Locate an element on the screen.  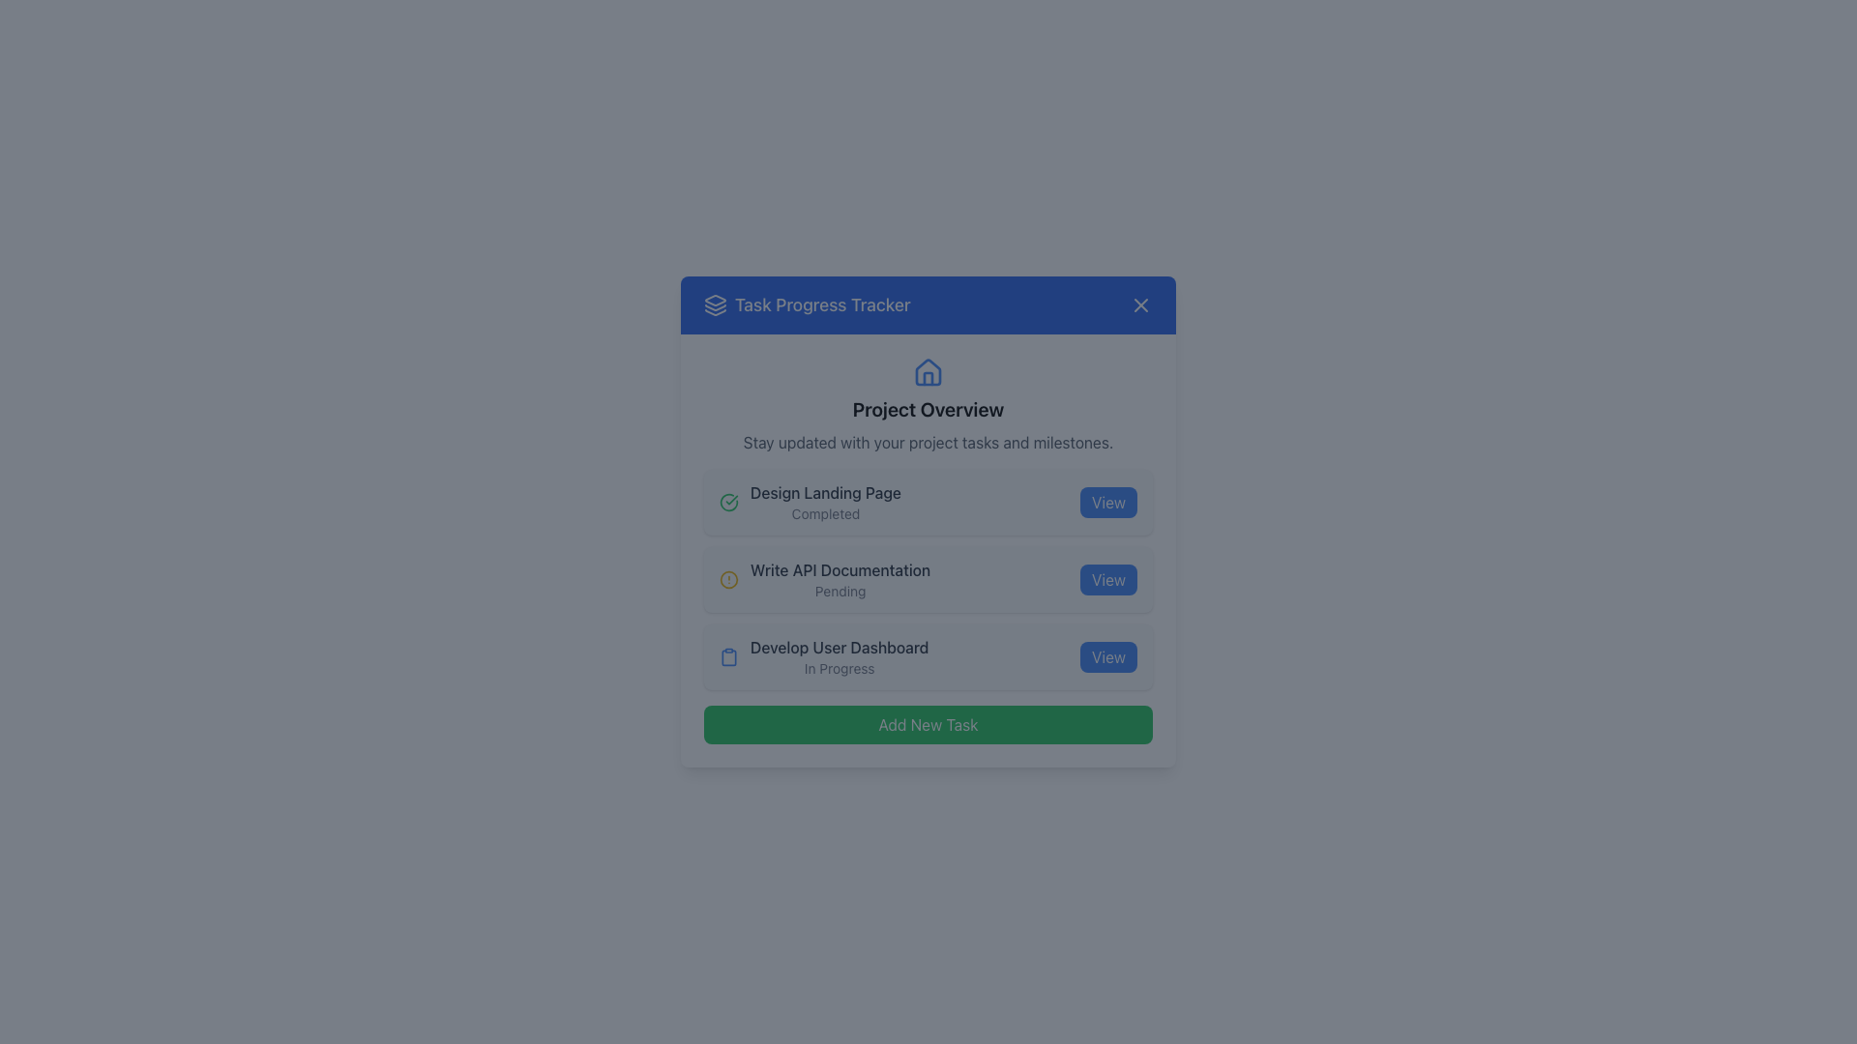
the Label that represents the task 'Develop User Dashboard' in the 'Task Progress Tracker' interface, which is the second component in the third task entry is located at coordinates (824, 655).